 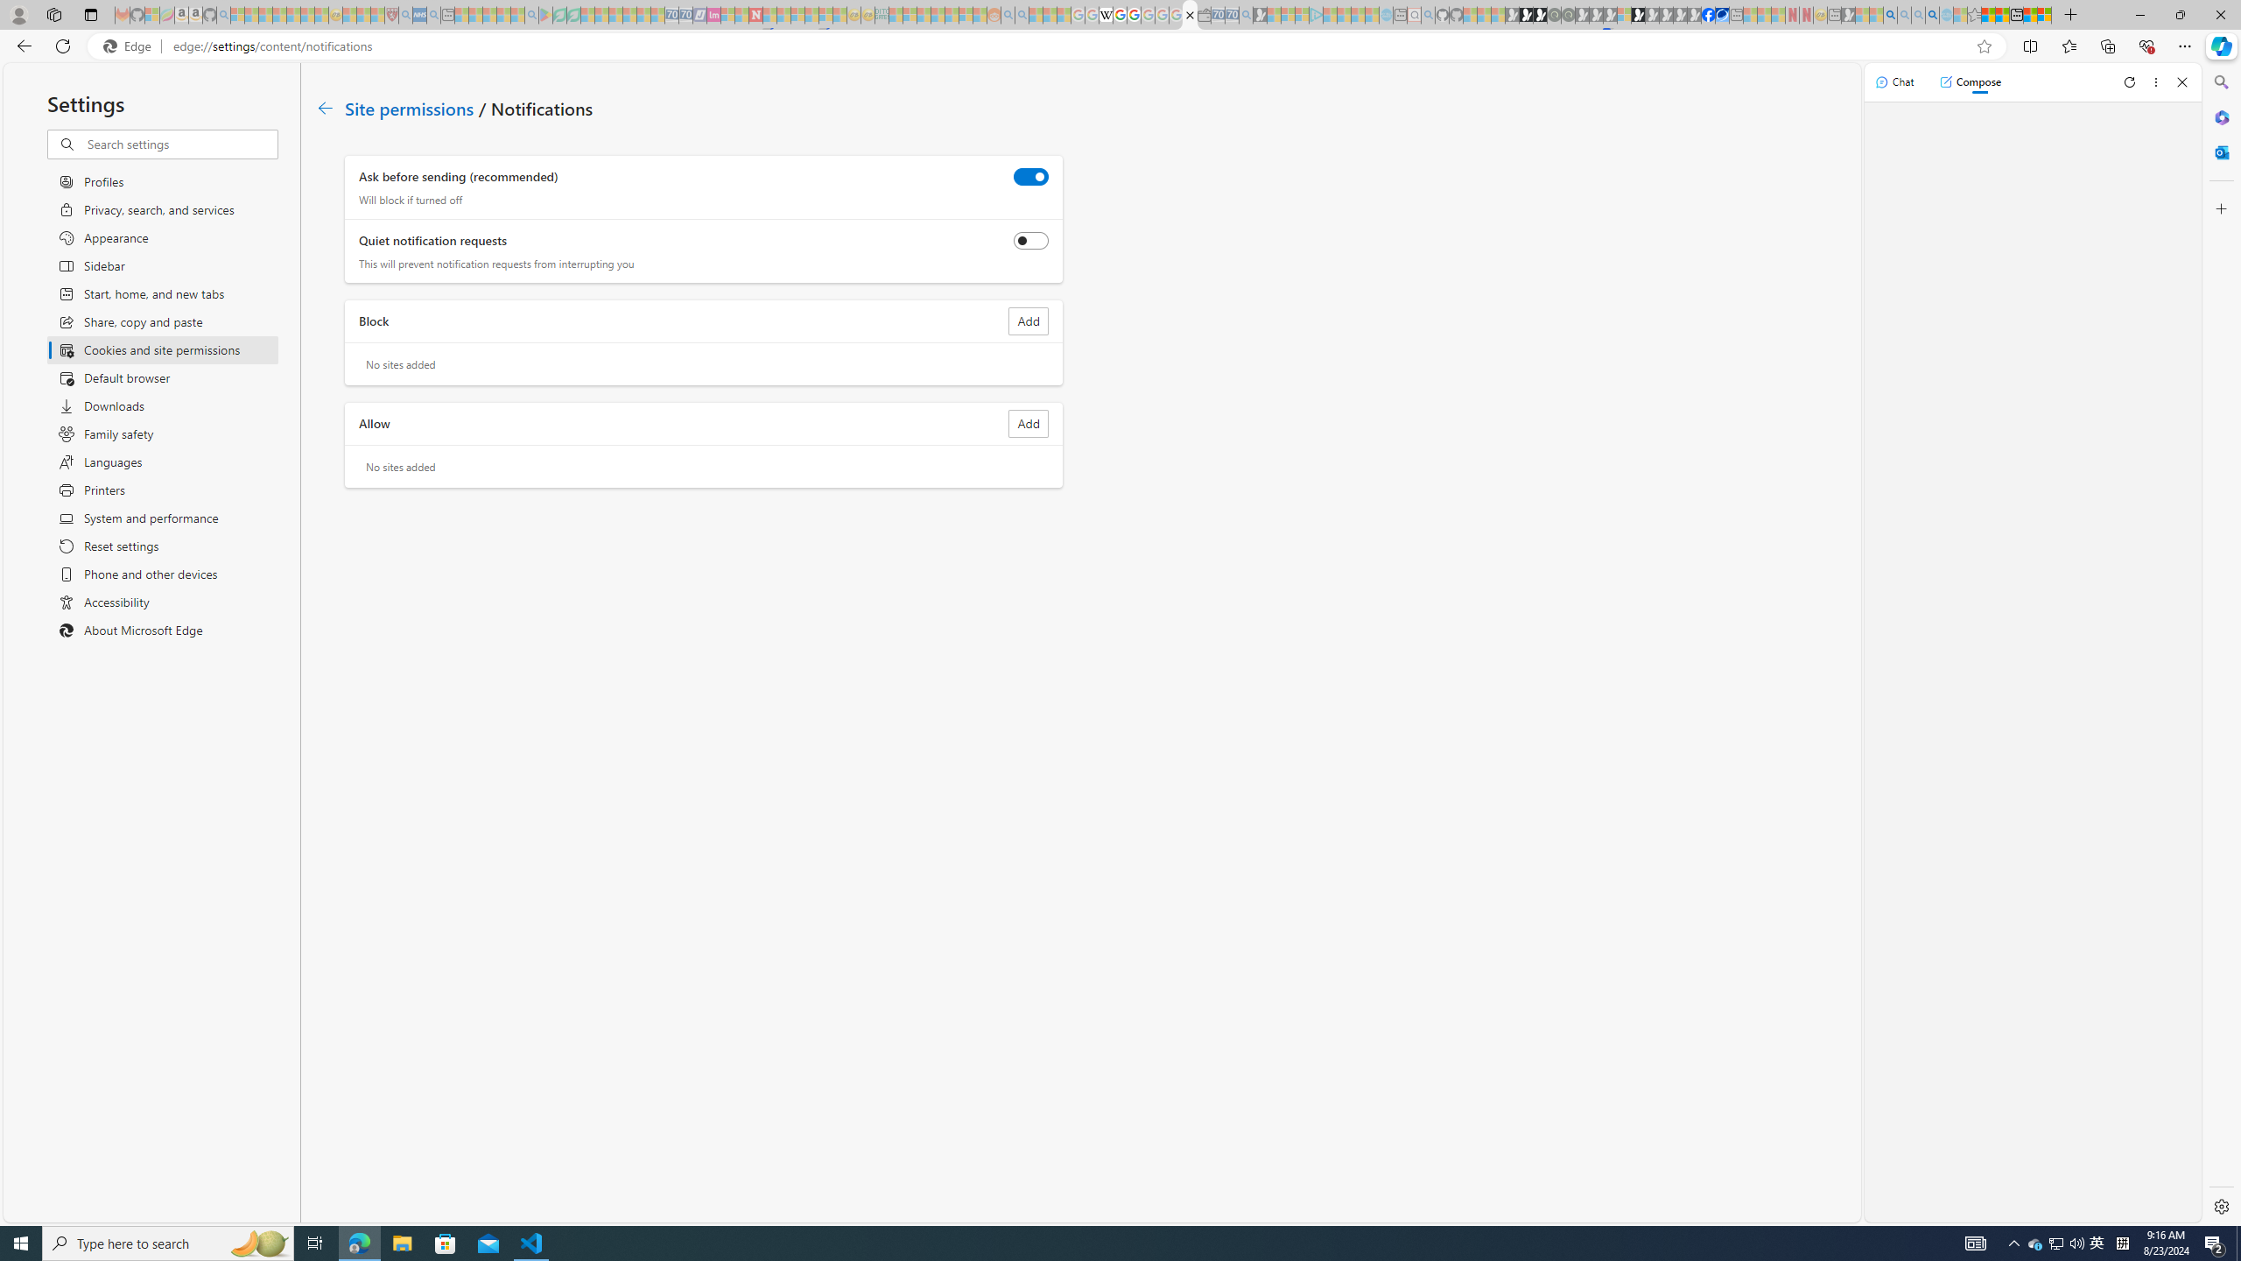 What do you see at coordinates (349, 14) in the screenshot?
I see `'Recipes - MSN - Sleeping'` at bounding box center [349, 14].